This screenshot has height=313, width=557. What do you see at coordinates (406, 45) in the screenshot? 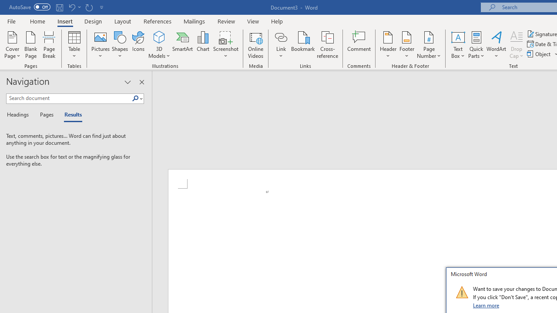
I see `'Footer'` at bounding box center [406, 45].